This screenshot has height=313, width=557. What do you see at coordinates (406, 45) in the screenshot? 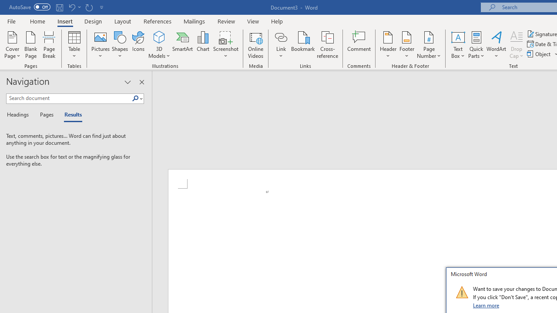
I see `'Footer'` at bounding box center [406, 45].